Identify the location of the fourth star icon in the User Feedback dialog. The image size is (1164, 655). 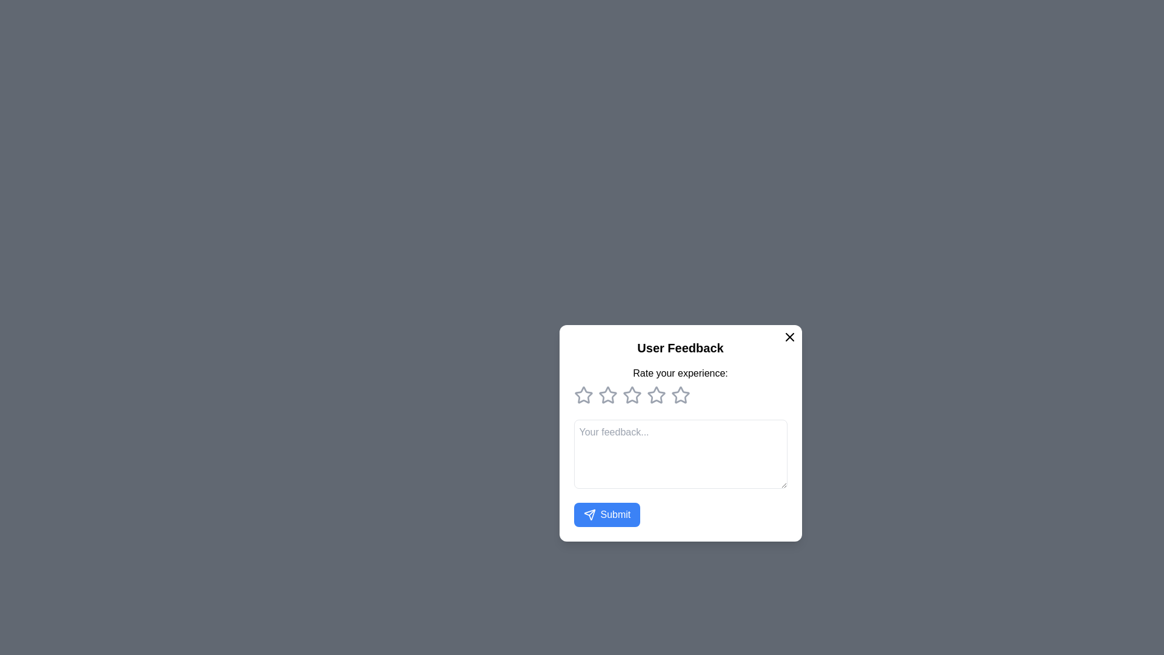
(655, 395).